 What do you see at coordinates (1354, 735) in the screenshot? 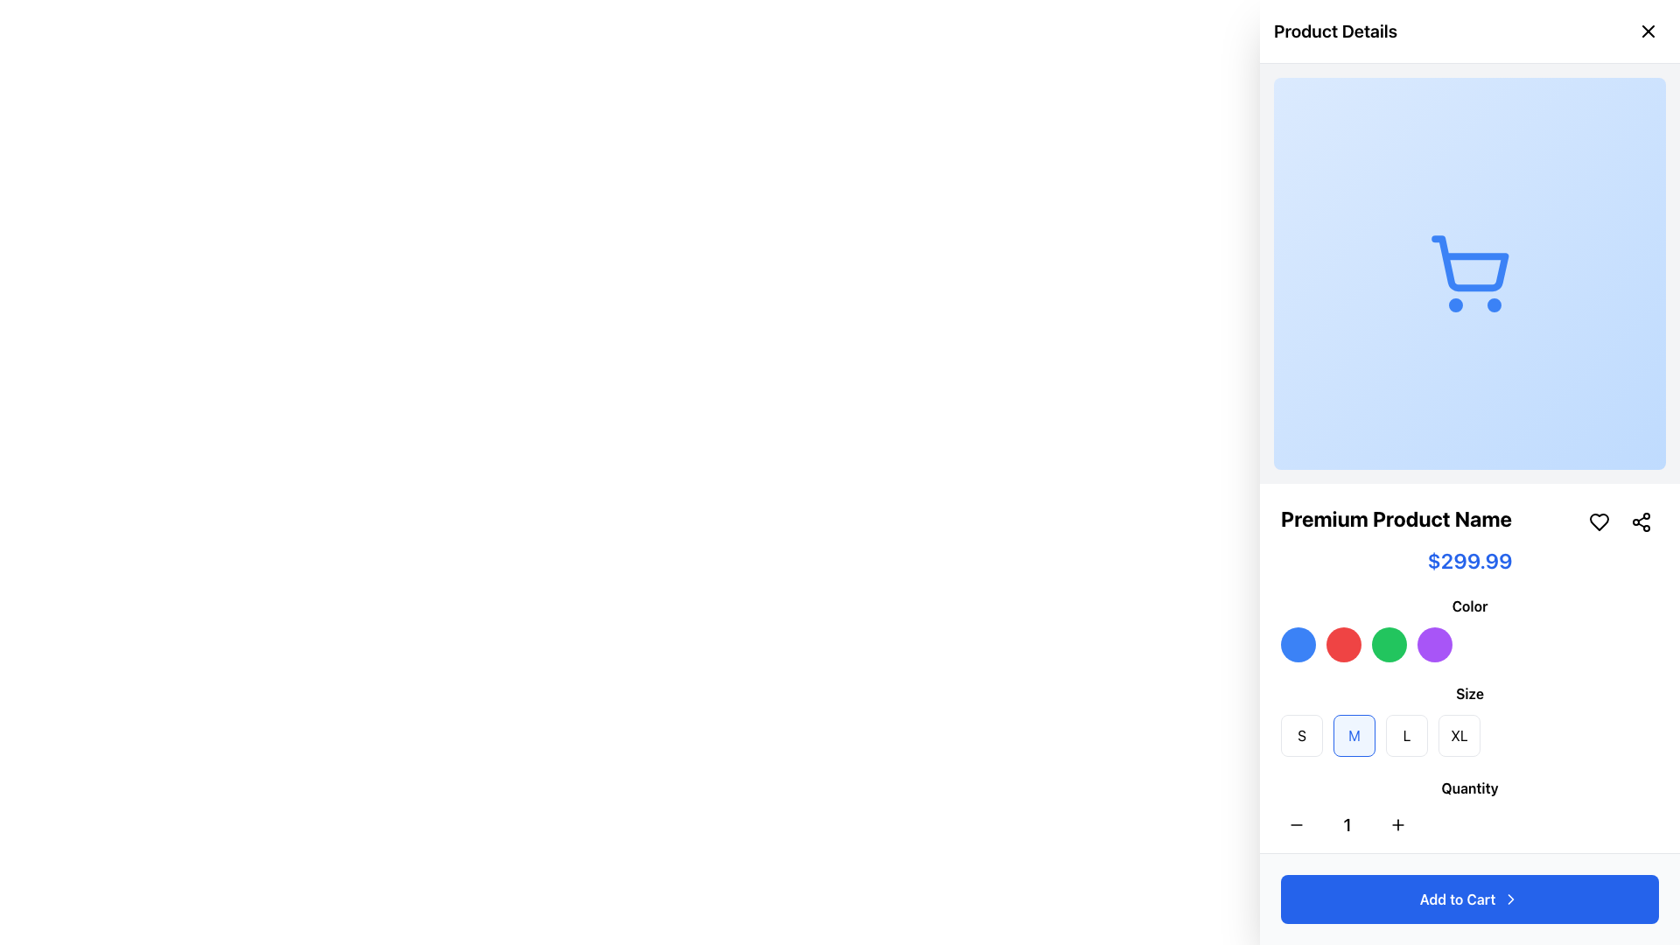
I see `the medium-sized button with rounded corners, light blue background, and the letter 'M' in blue font, located in the 'Size' section of the product details panel` at bounding box center [1354, 735].